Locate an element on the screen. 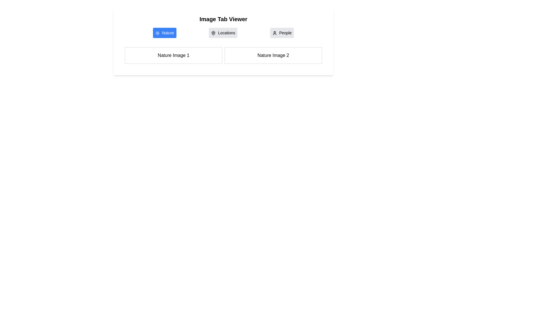 The width and height of the screenshot is (550, 309). the small user icon shaped like a human figure, located to the left of the 'People' text in the button group is located at coordinates (274, 33).